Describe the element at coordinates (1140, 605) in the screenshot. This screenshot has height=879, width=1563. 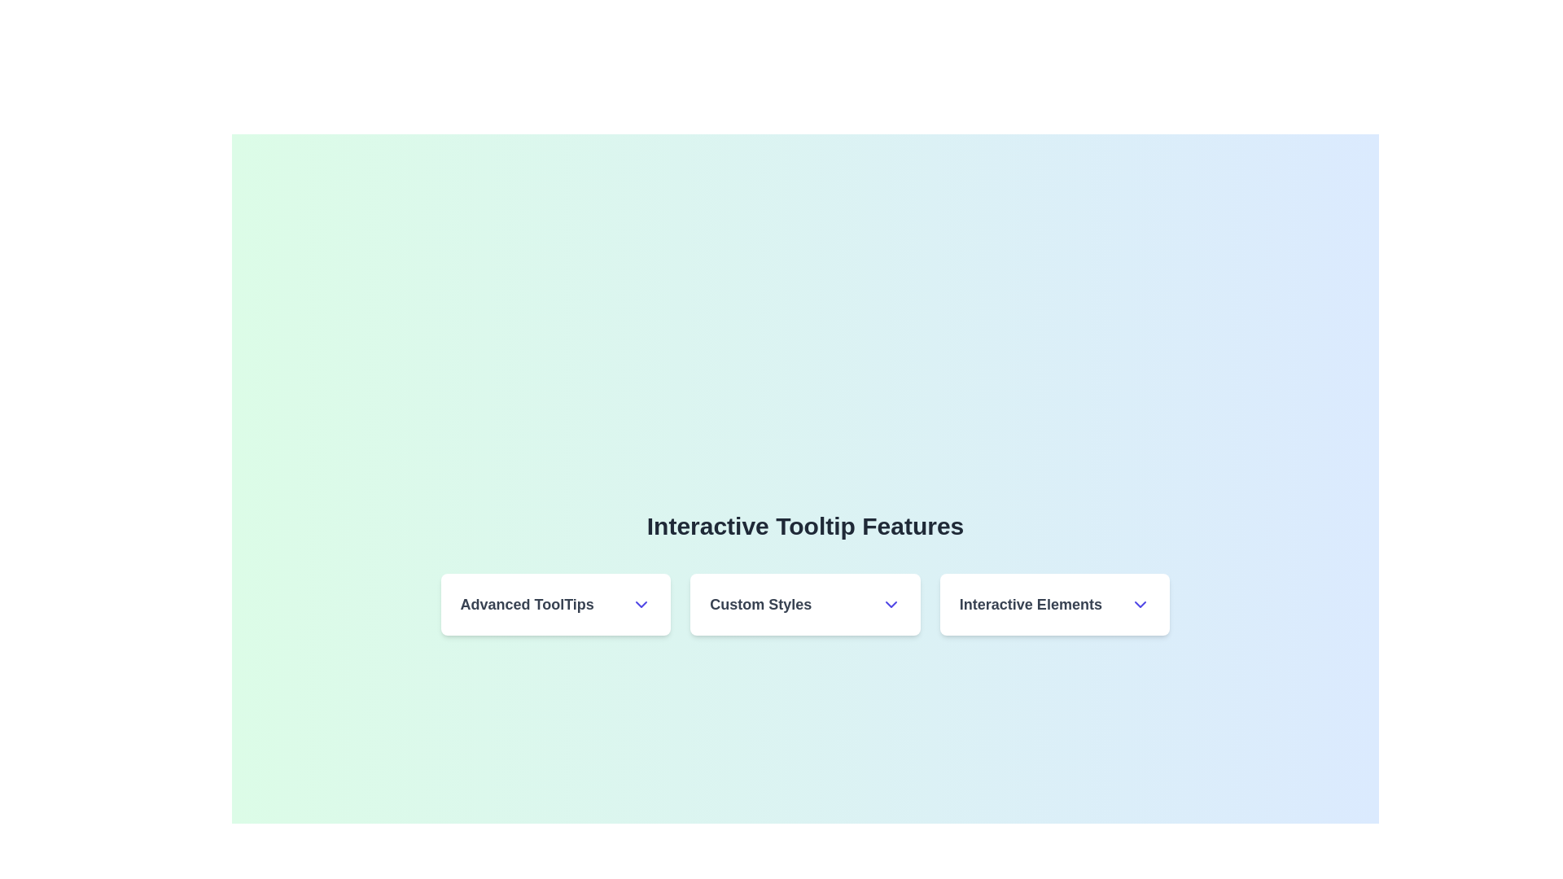
I see `the Chevron icon button located at the far right edge of the 'Interactive Elements' button group` at that location.